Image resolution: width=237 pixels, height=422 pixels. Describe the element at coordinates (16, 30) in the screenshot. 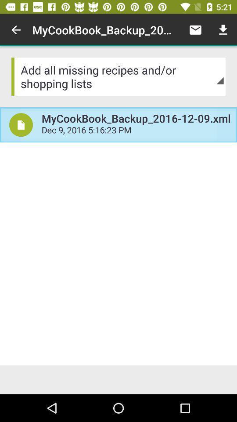

I see `icon to the left of mycookbook_backup_2016 12 09 item` at that location.